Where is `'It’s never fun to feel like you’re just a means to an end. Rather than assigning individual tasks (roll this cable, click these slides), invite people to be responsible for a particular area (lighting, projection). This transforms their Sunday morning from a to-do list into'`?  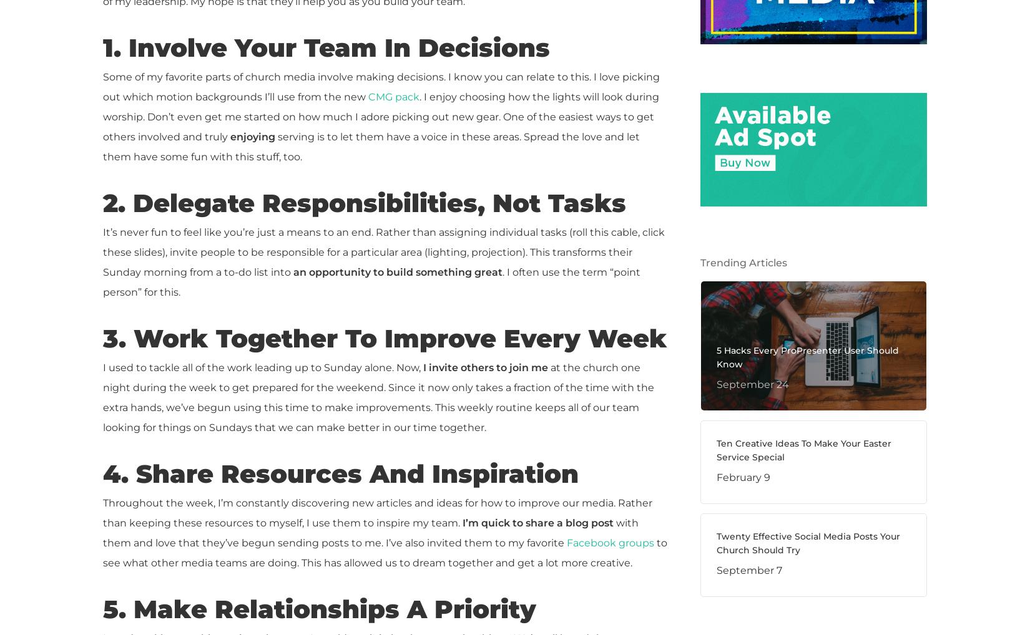
'It’s never fun to feel like you’re just a means to an end. Rather than assigning individual tasks (roll this cable, click these slides), invite people to be responsible for a particular area (lighting, projection). This transforms their Sunday morning from a to-do list into' is located at coordinates (103, 252).